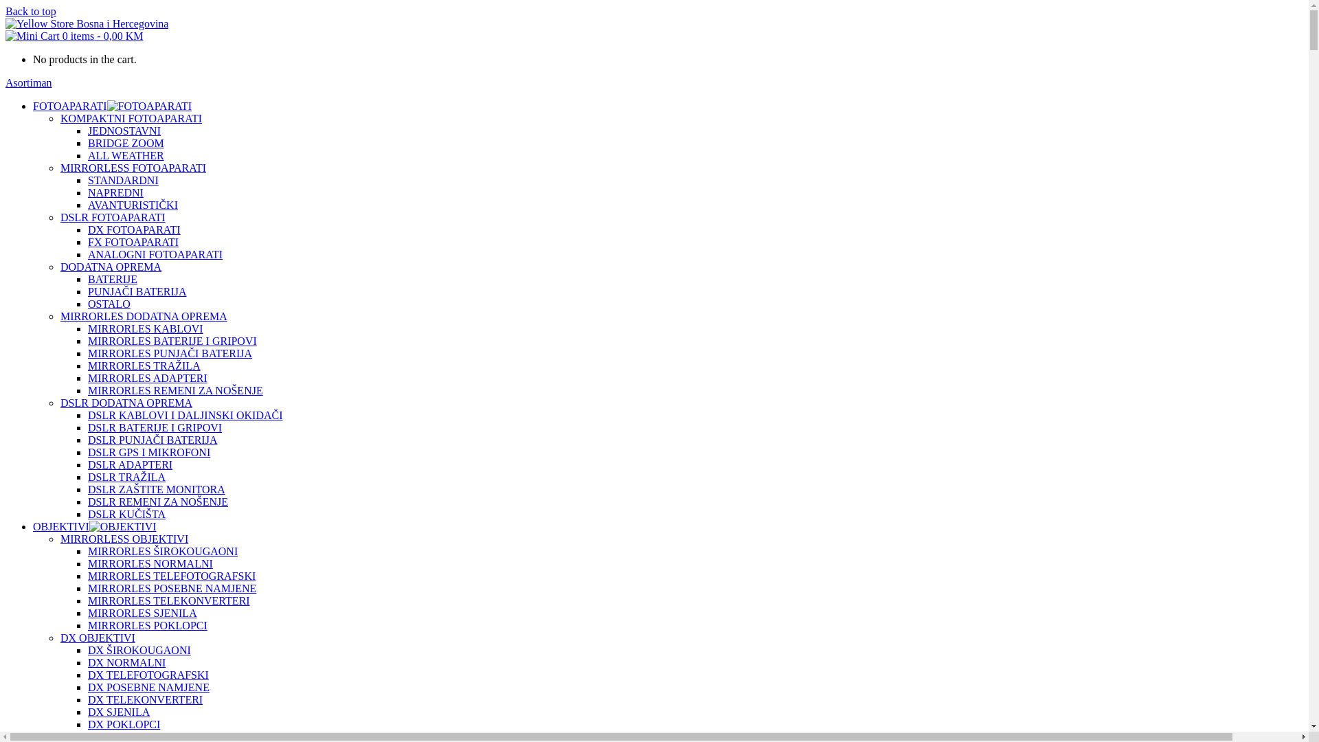  What do you see at coordinates (111, 267) in the screenshot?
I see `'DODATNA OPREMA'` at bounding box center [111, 267].